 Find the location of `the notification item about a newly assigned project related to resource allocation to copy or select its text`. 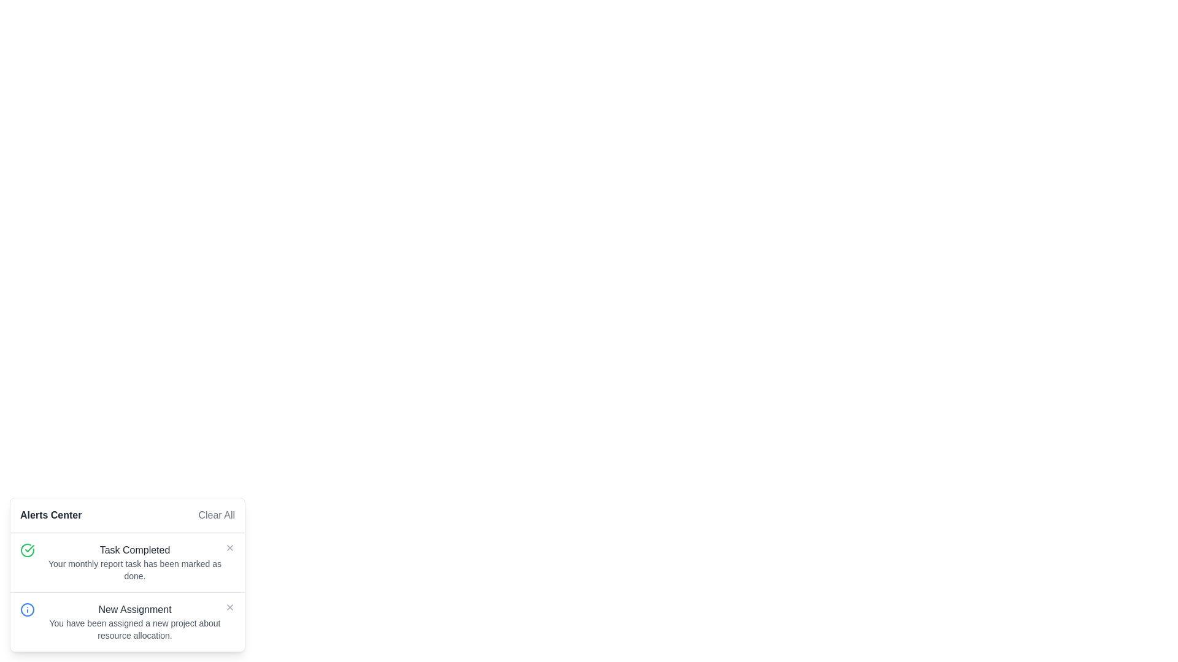

the notification item about a newly assigned project related to resource allocation to copy or select its text is located at coordinates (127, 622).